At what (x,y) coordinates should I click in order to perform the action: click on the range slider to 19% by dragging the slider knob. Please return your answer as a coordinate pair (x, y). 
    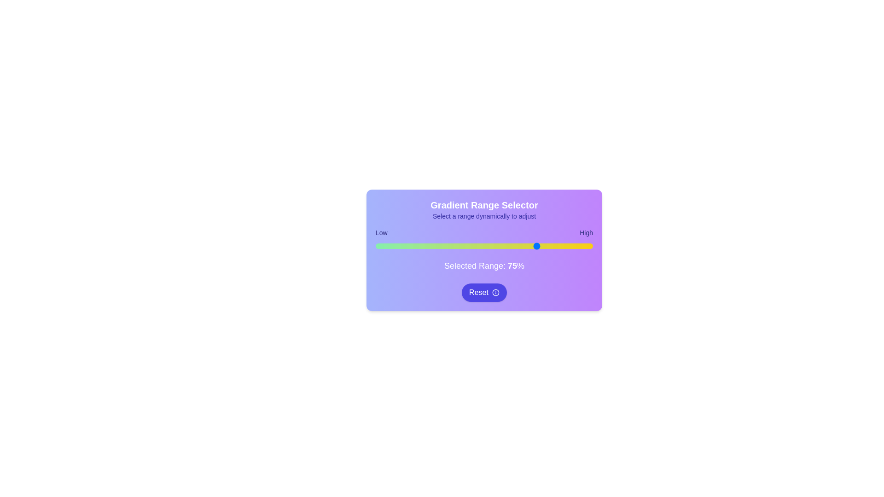
    Looking at the image, I should click on (416, 246).